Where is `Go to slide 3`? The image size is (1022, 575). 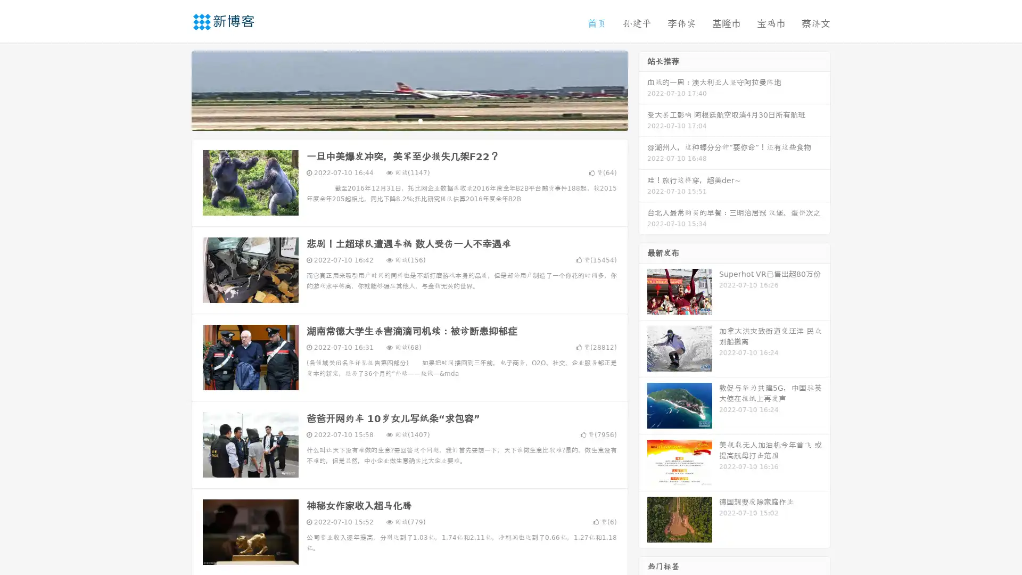
Go to slide 3 is located at coordinates (420, 120).